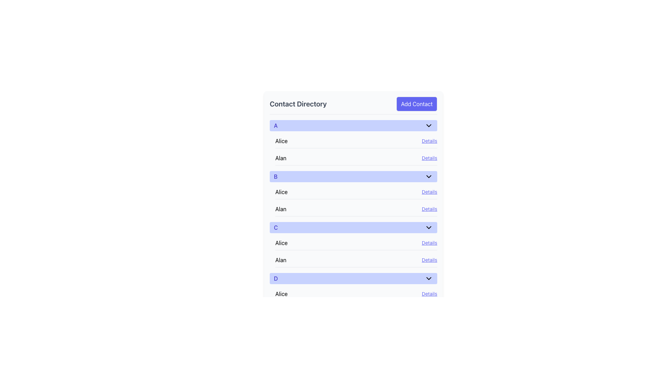 The height and width of the screenshot is (377, 670). What do you see at coordinates (353, 296) in the screenshot?
I see `the 'Details' hyperlink for the contact 'Alice' in the 'Contact Directory', section 'D', to observe any hover effects` at bounding box center [353, 296].